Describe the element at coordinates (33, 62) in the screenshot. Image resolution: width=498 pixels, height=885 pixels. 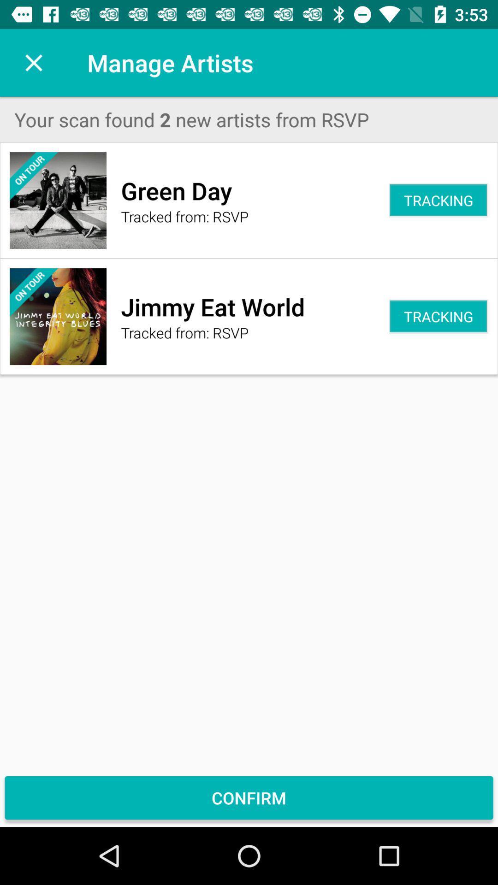
I see `the item to the left of manage artists` at that location.